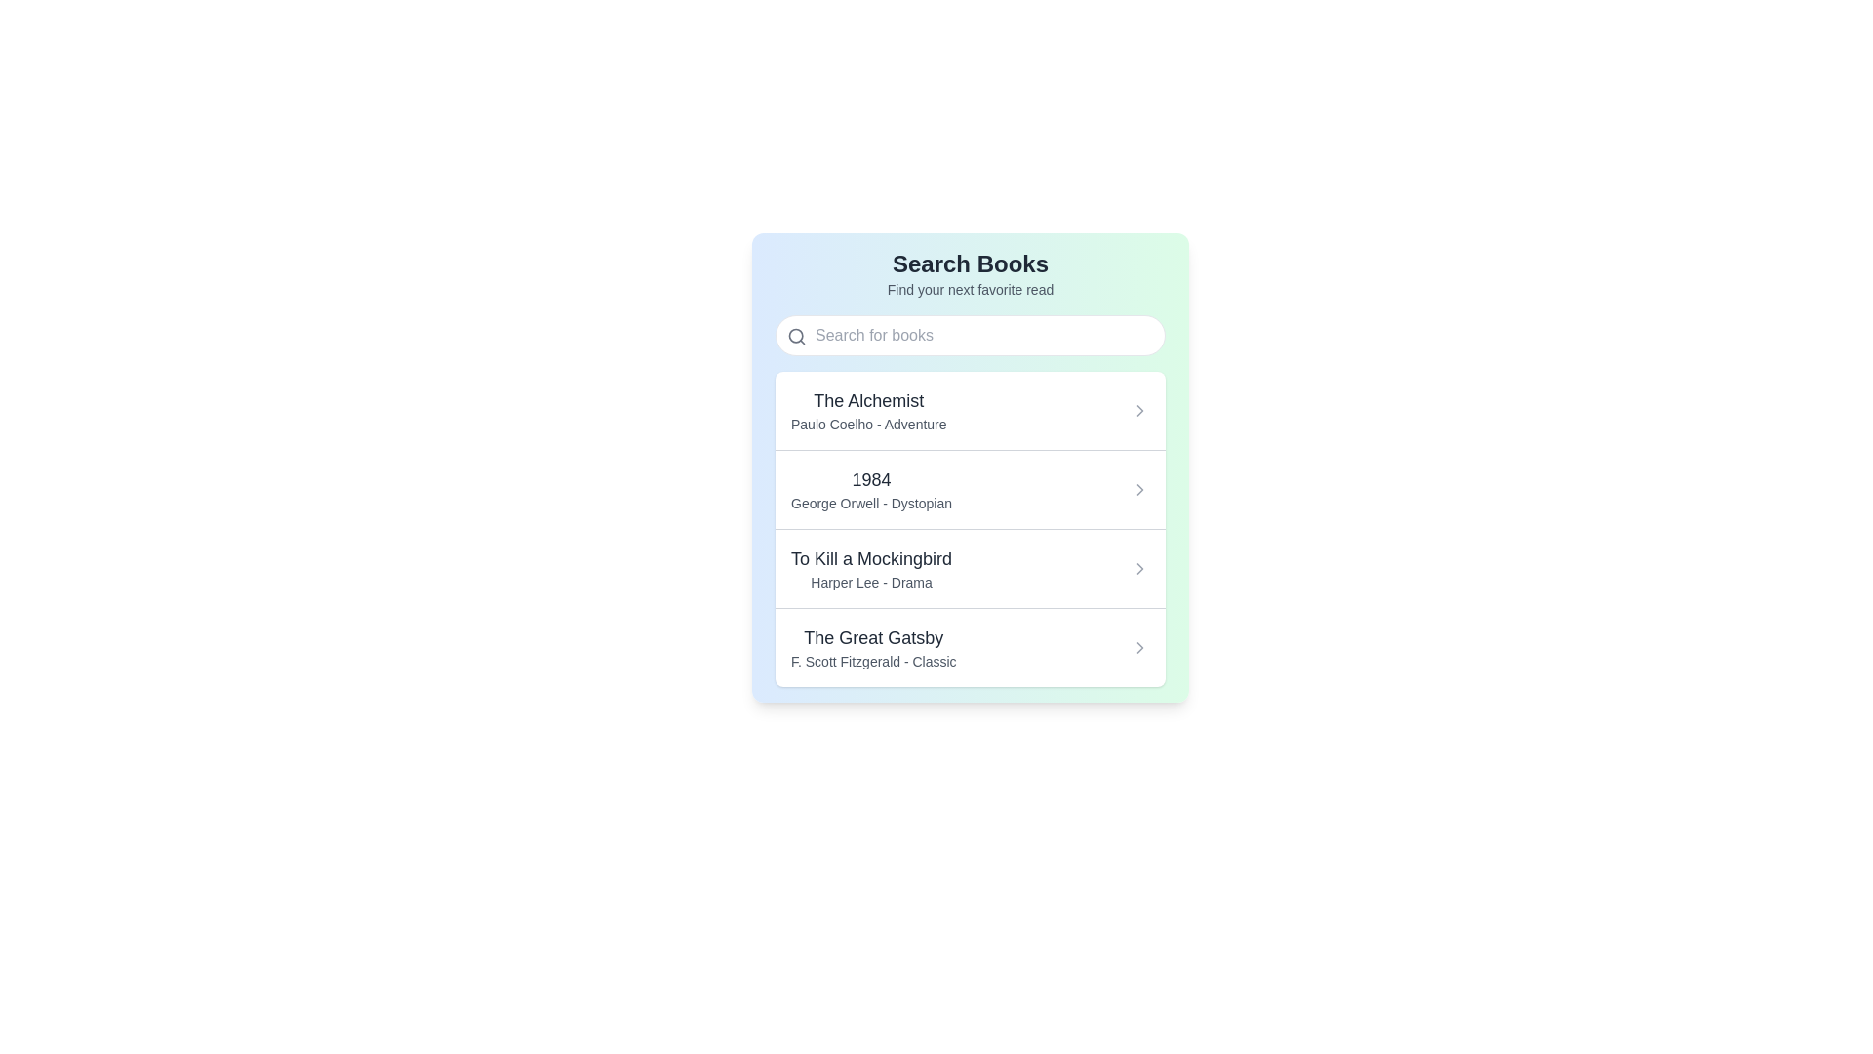 The width and height of the screenshot is (1873, 1054). What do you see at coordinates (1140, 568) in the screenshot?
I see `the rightward-pointing chevron icon located at the right edge of the 'To Kill a Mockingbird - Harper Lee - Drama' list item to visualize interactive feedback` at bounding box center [1140, 568].